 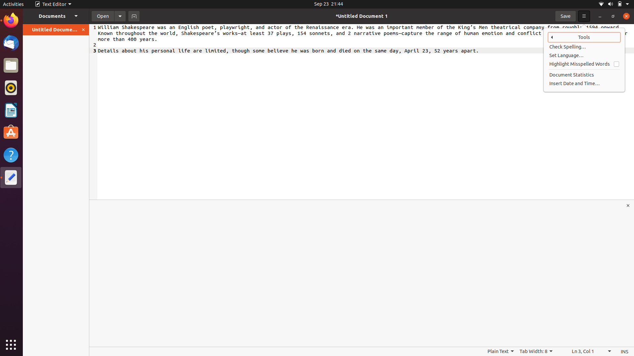 I want to click on document options, so click(x=120, y=16).